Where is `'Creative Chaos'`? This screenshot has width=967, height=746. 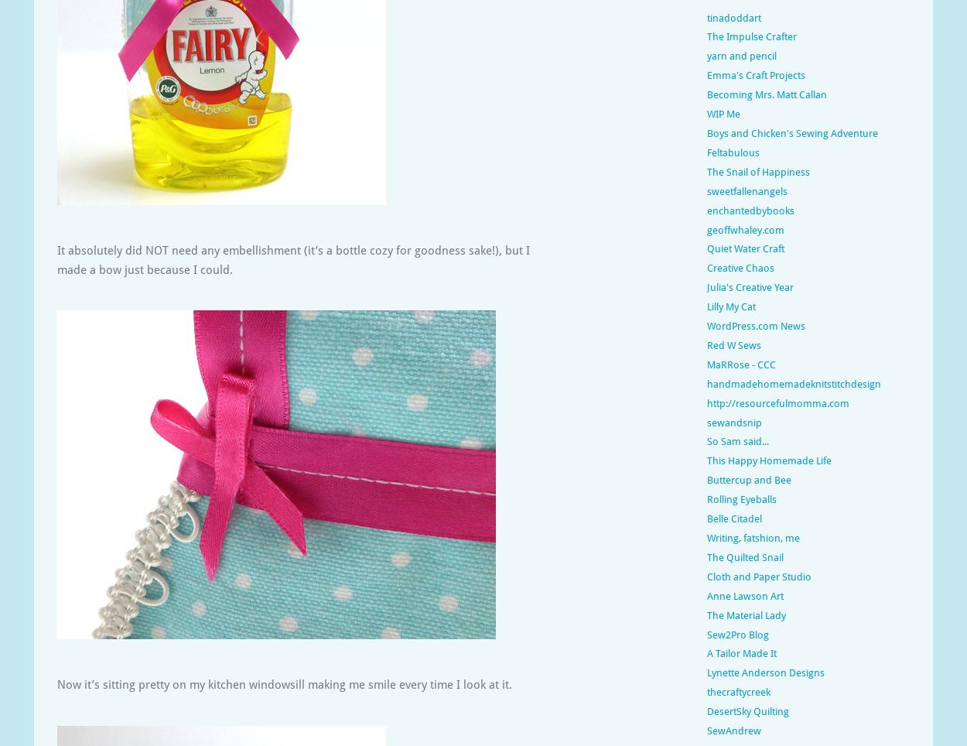 'Creative Chaos' is located at coordinates (740, 267).